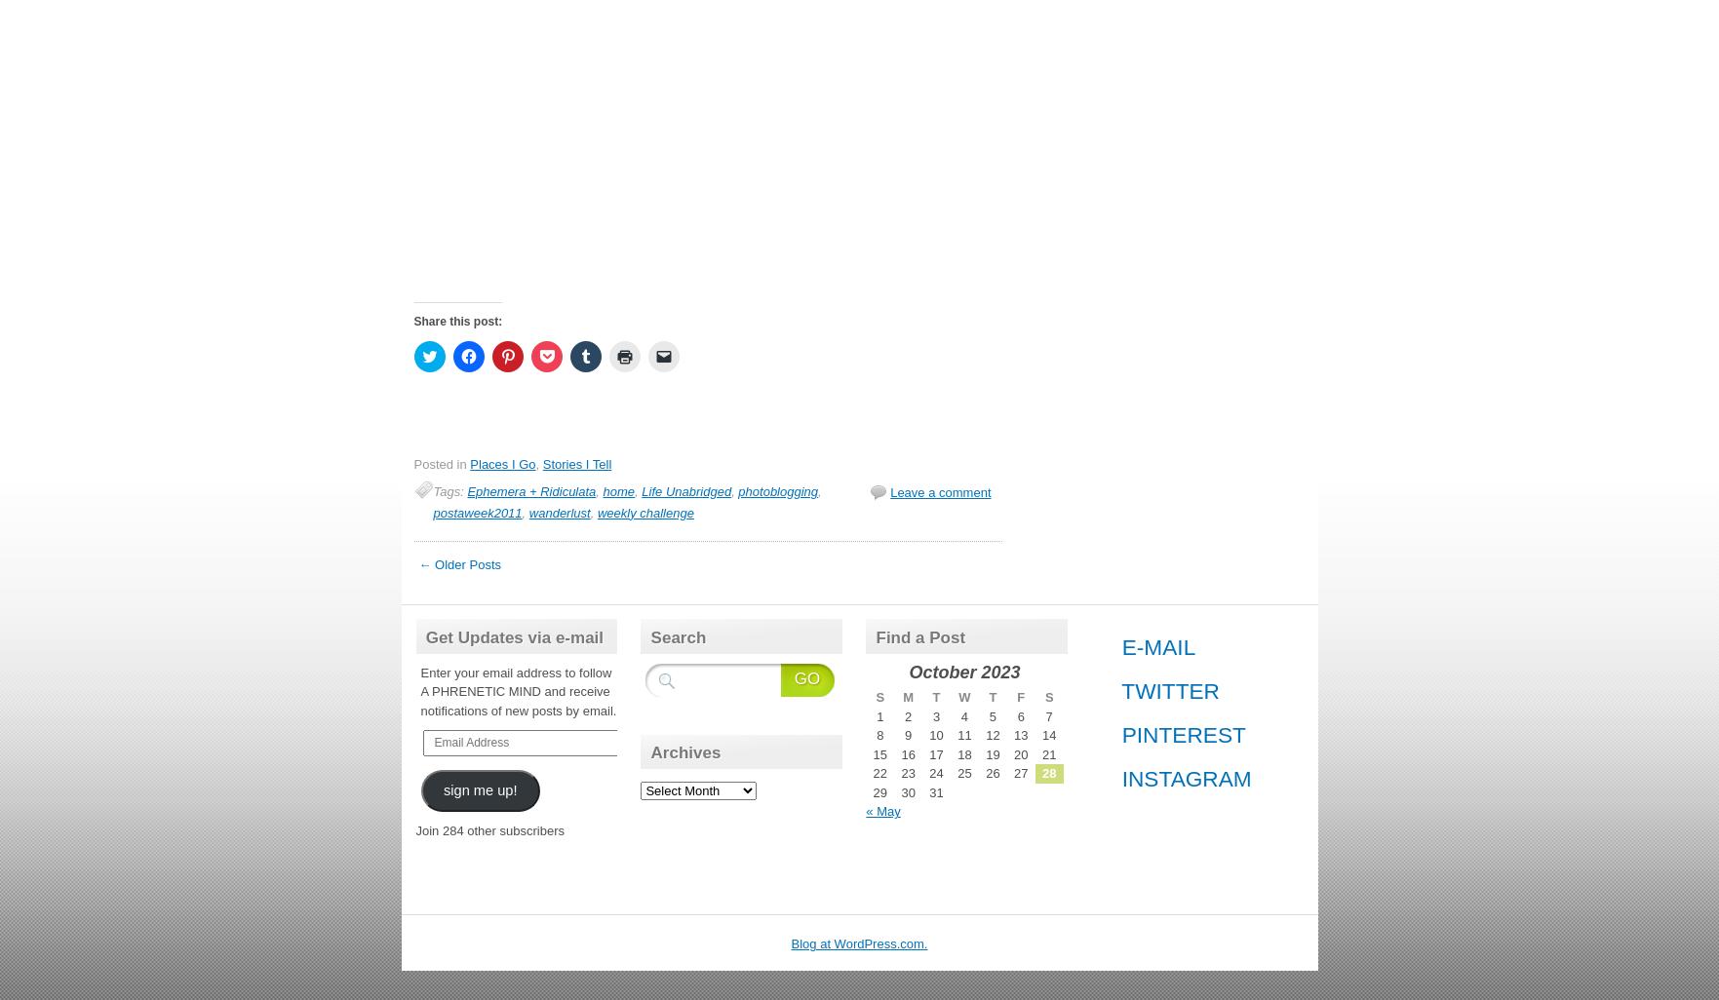 This screenshot has height=1000, width=1719. I want to click on 'Blog at WordPress.com.', so click(858, 943).